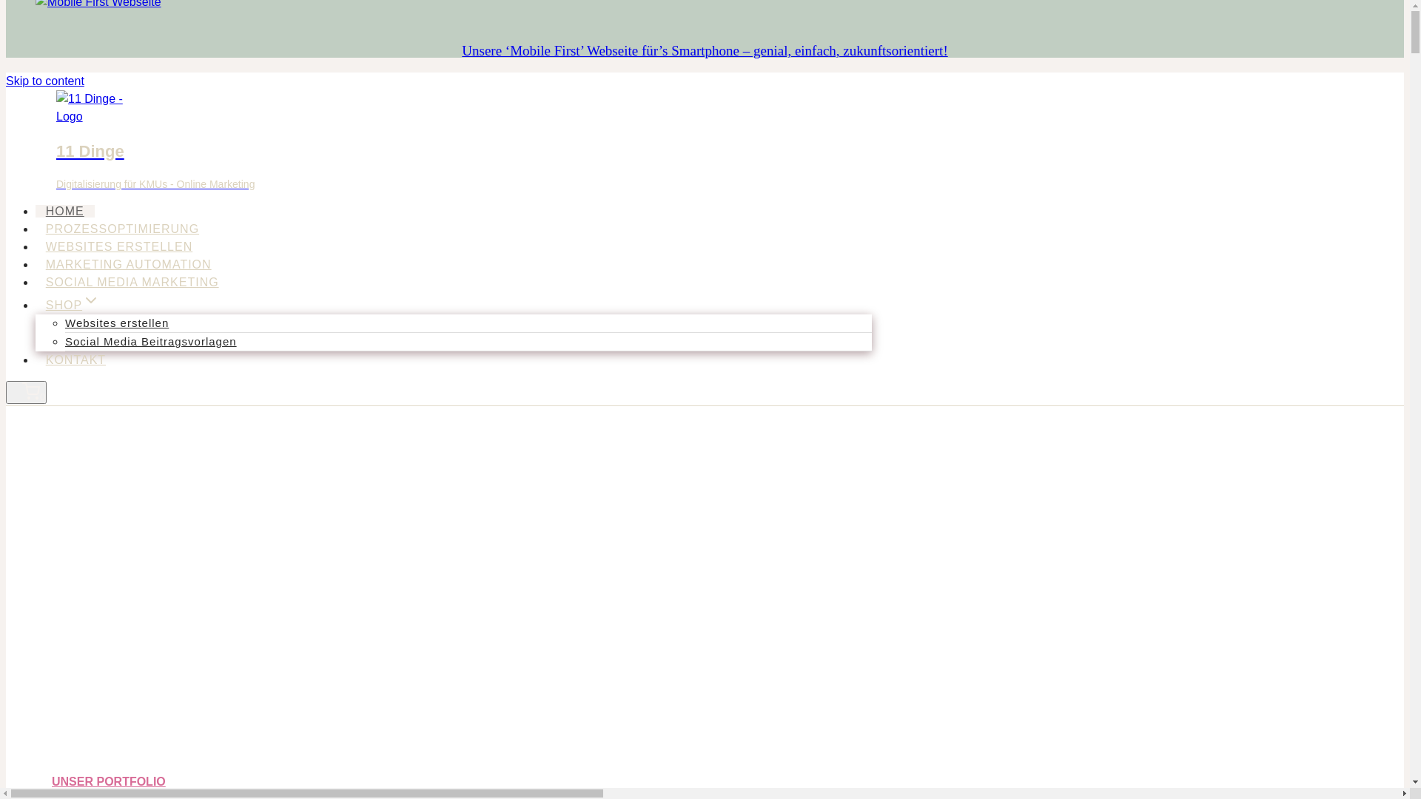 The image size is (1421, 799). I want to click on 'MARKETING AUTOMATION', so click(128, 263).